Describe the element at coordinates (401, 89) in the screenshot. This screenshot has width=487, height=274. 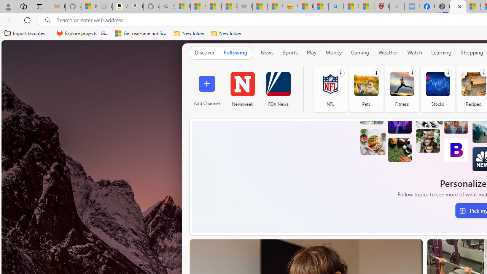
I see `'Fitness'` at that location.